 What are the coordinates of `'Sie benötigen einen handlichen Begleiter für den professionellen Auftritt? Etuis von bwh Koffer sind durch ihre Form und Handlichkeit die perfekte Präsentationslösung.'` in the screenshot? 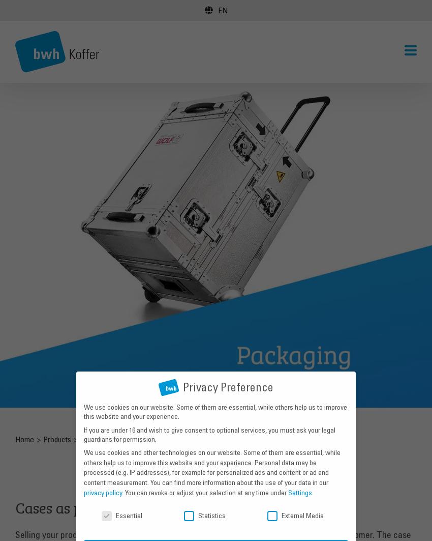 It's located at (221, 73).